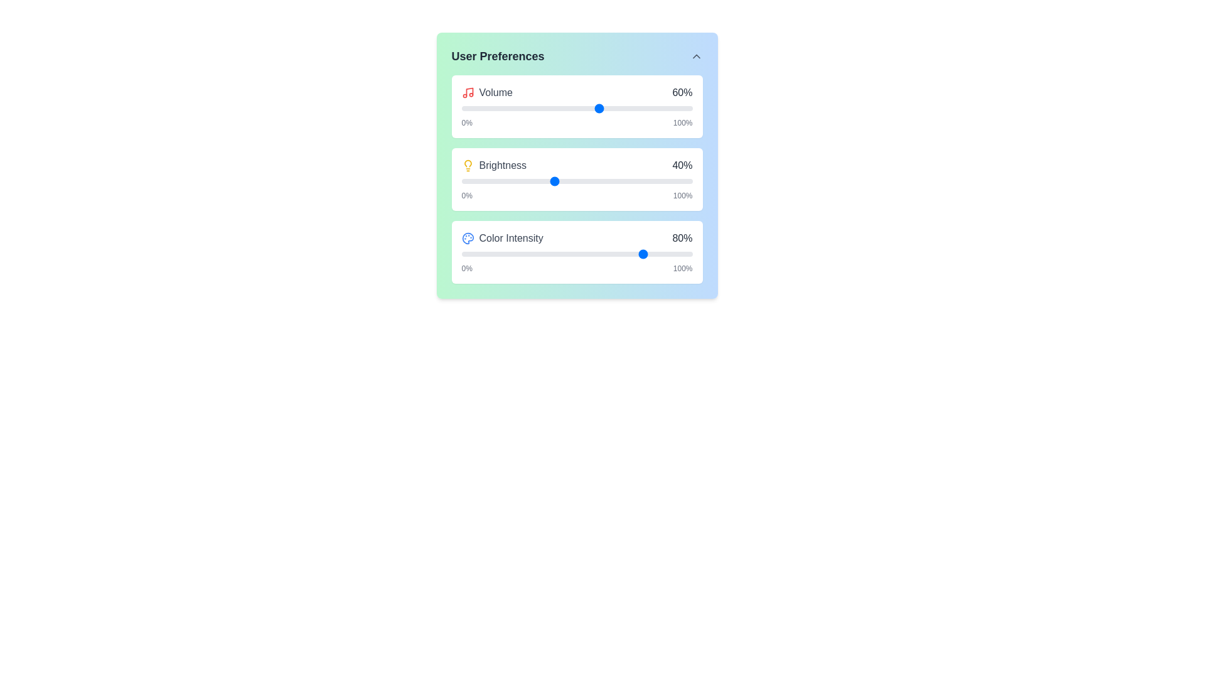 Image resolution: width=1205 pixels, height=678 pixels. I want to click on information displayed on the text label indicating the current volume level of 60%, located in the 'Volume' section adjacent to the volume slider, so click(682, 92).